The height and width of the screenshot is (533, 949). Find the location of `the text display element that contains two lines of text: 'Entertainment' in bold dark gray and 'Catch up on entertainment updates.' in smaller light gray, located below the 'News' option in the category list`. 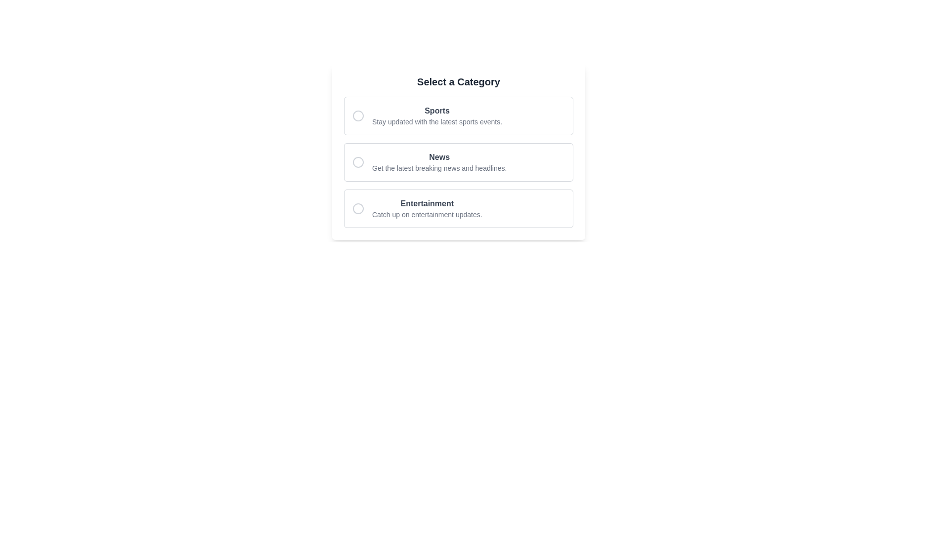

the text display element that contains two lines of text: 'Entertainment' in bold dark gray and 'Catch up on entertainment updates.' in smaller light gray, located below the 'News' option in the category list is located at coordinates (427, 208).